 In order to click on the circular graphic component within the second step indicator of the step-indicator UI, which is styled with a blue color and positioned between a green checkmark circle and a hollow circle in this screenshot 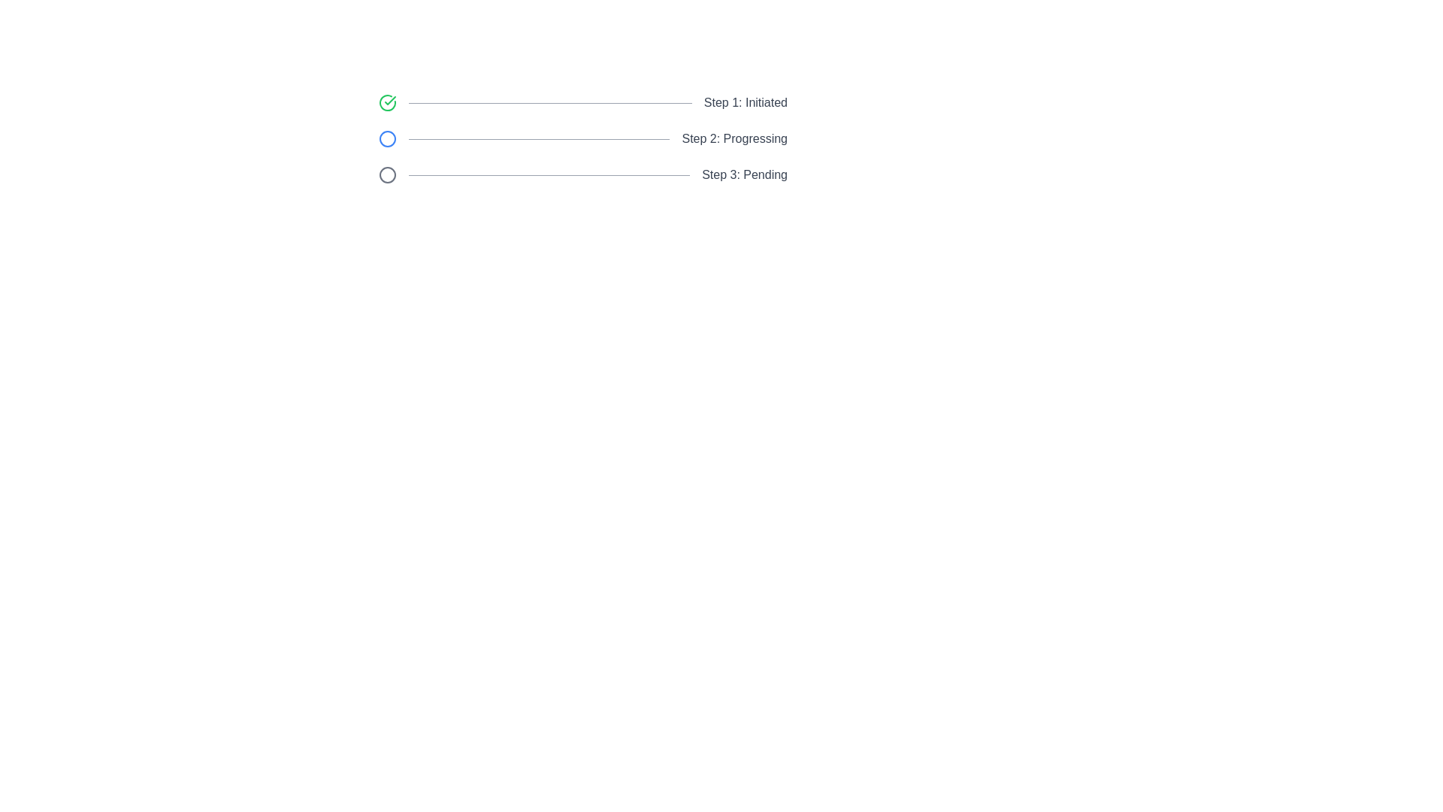, I will do `click(387, 139)`.